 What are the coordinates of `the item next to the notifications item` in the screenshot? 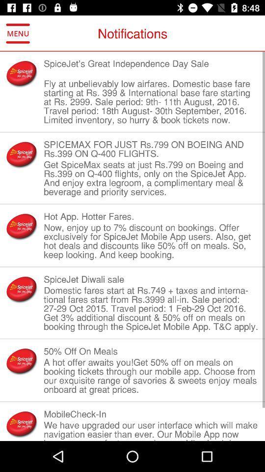 It's located at (18, 33).